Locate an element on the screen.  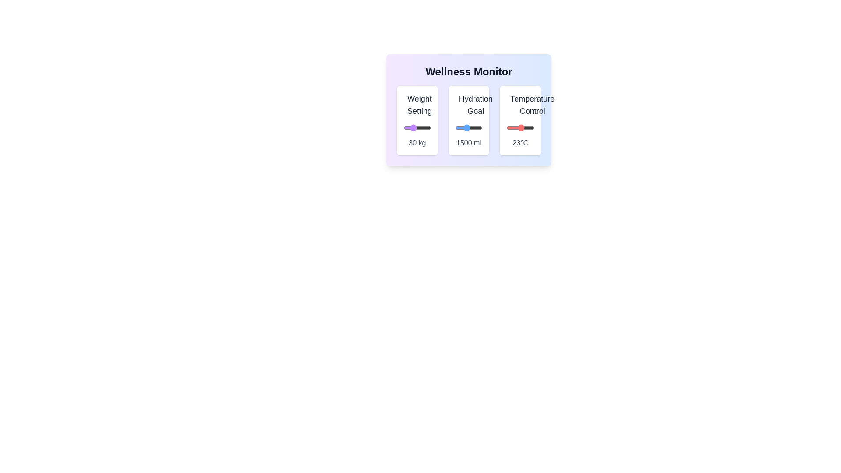
the range slider for keyboard value adjustment is located at coordinates (520, 128).